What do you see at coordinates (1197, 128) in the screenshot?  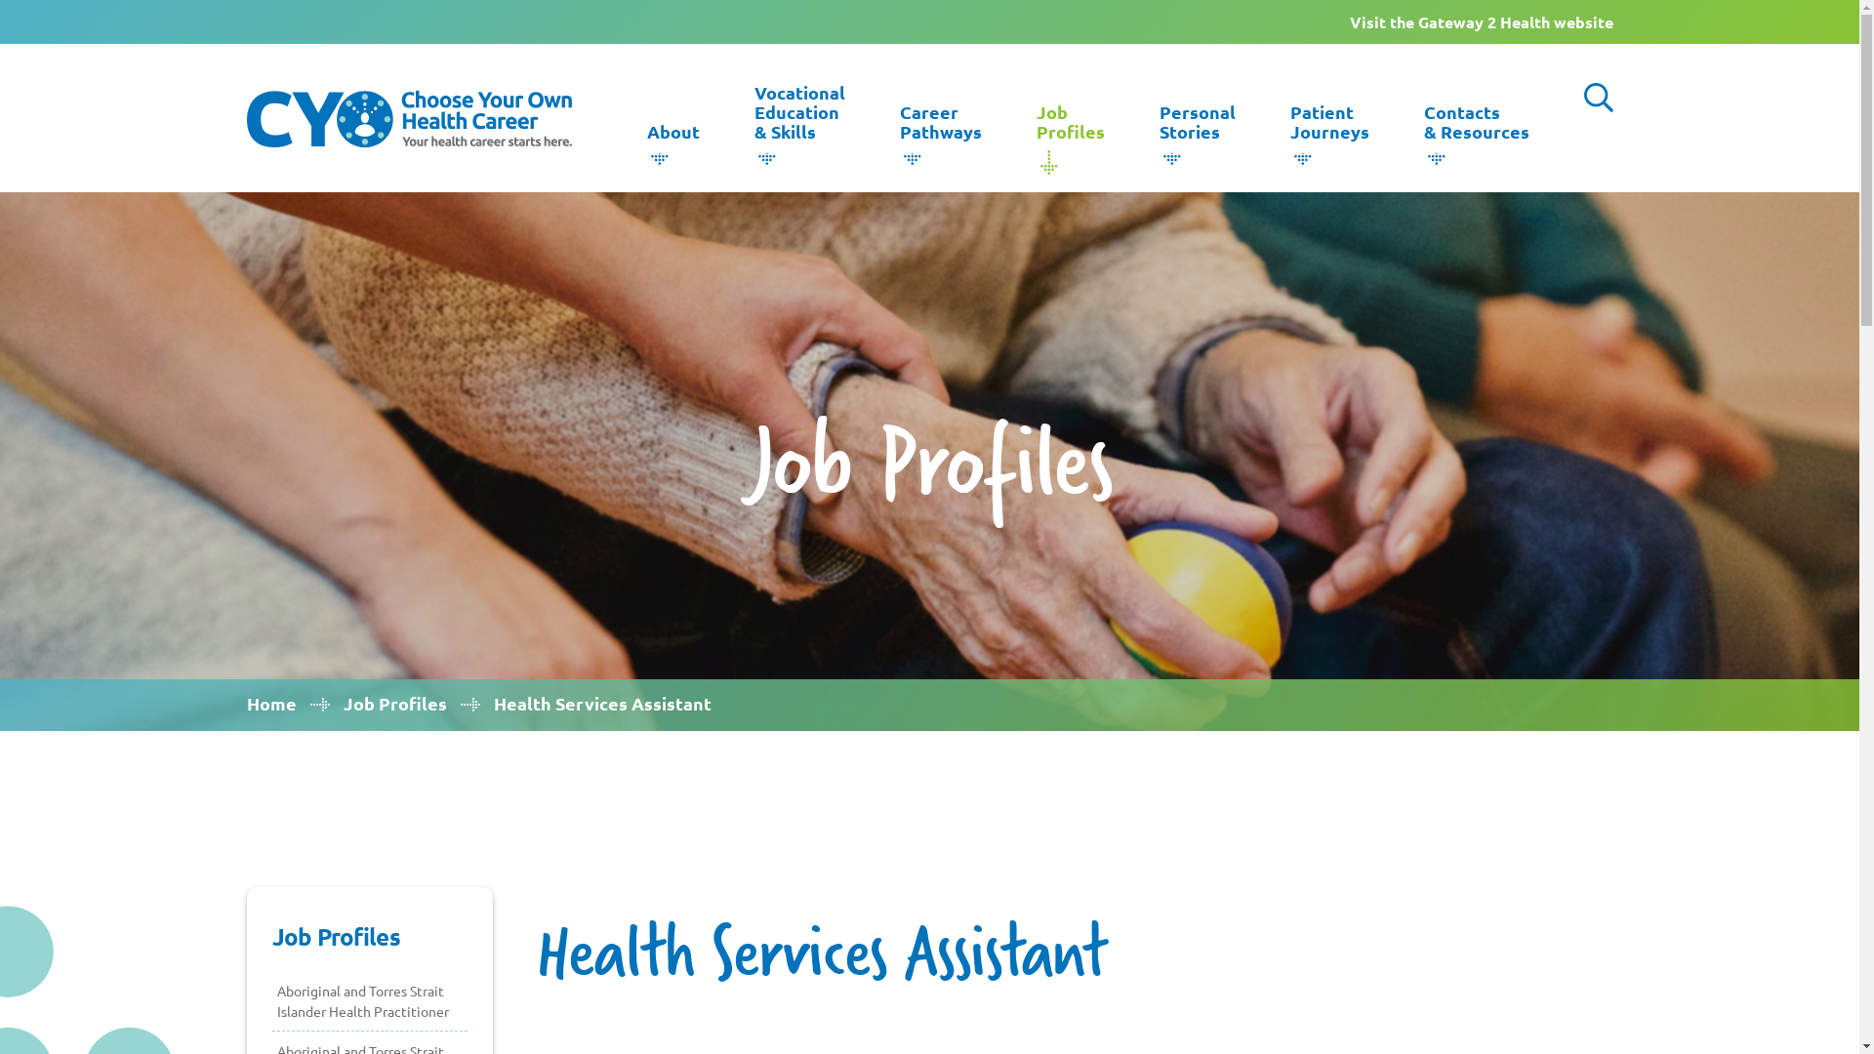 I see `'Personal` at bounding box center [1197, 128].